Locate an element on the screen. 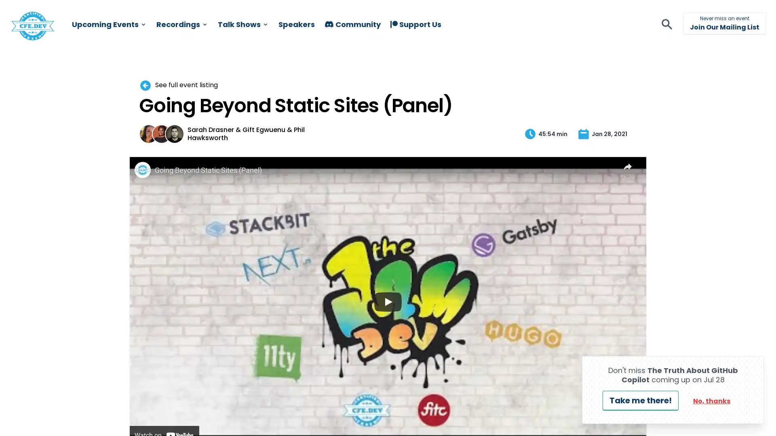  Toggle Search is located at coordinates (333, 35).